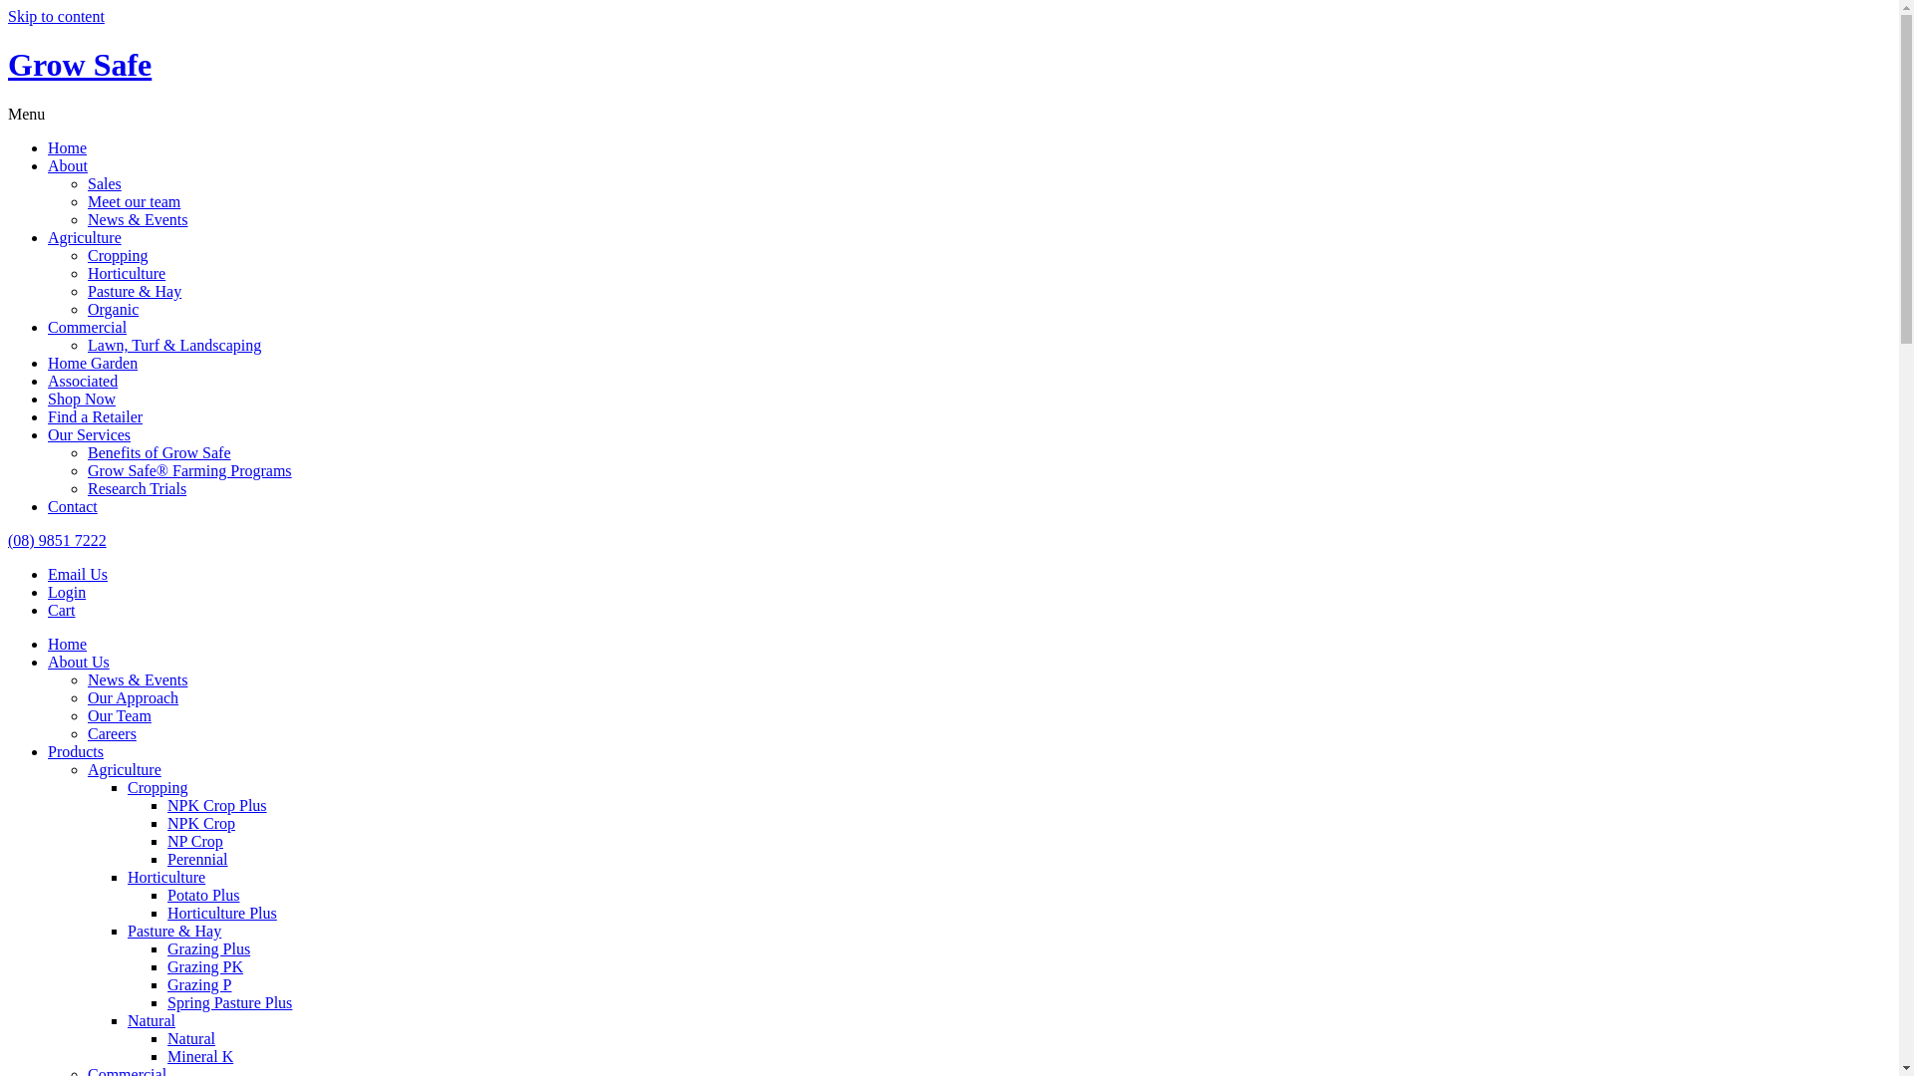 Image resolution: width=1914 pixels, height=1076 pixels. What do you see at coordinates (166, 876) in the screenshot?
I see `'Horticulture'` at bounding box center [166, 876].